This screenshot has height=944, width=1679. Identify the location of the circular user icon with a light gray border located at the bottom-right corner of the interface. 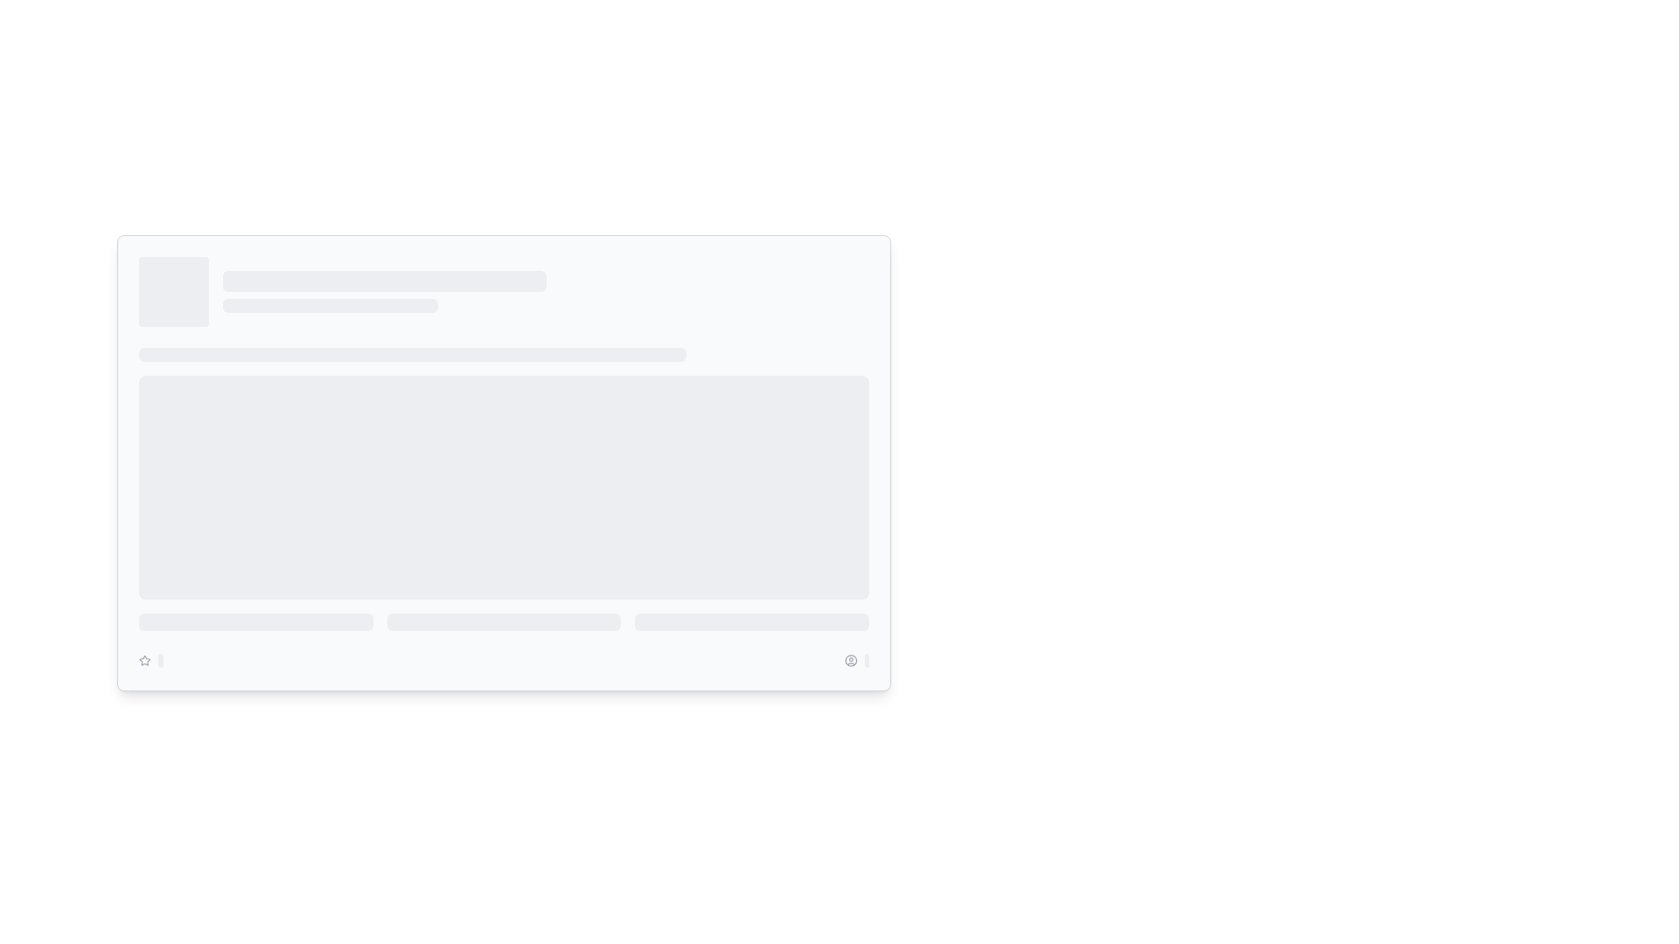
(851, 661).